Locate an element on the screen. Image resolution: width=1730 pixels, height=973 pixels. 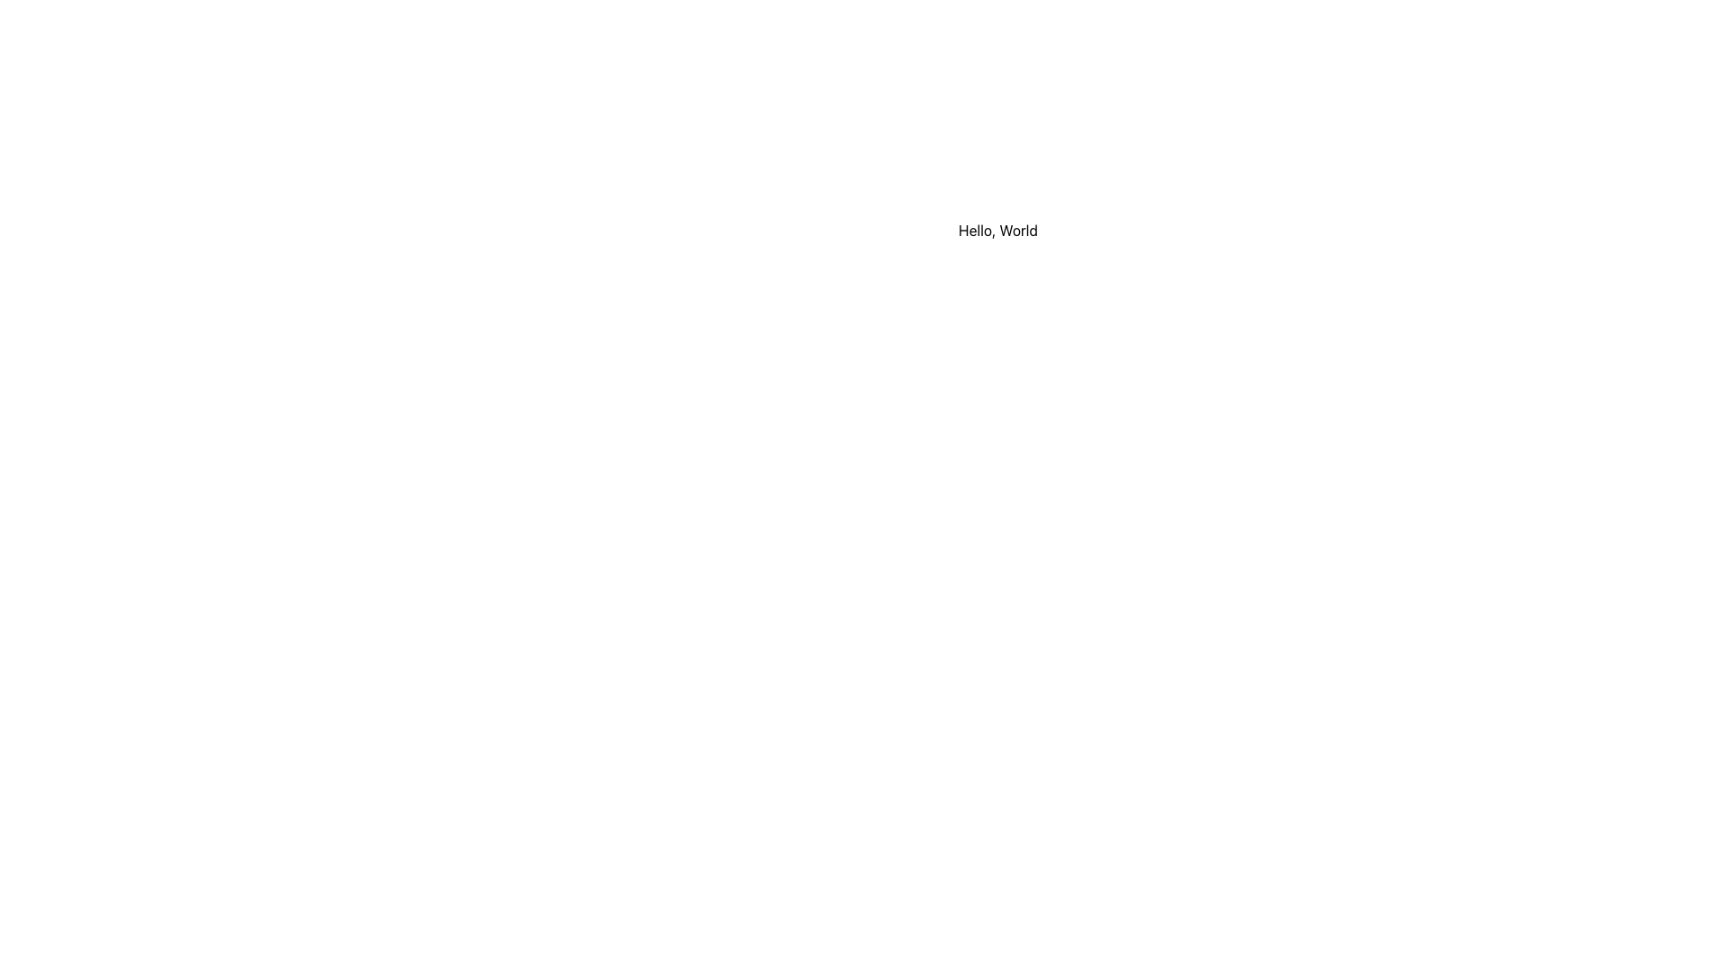
the third button on the far-right of the horizontal group is located at coordinates (1696, 32).